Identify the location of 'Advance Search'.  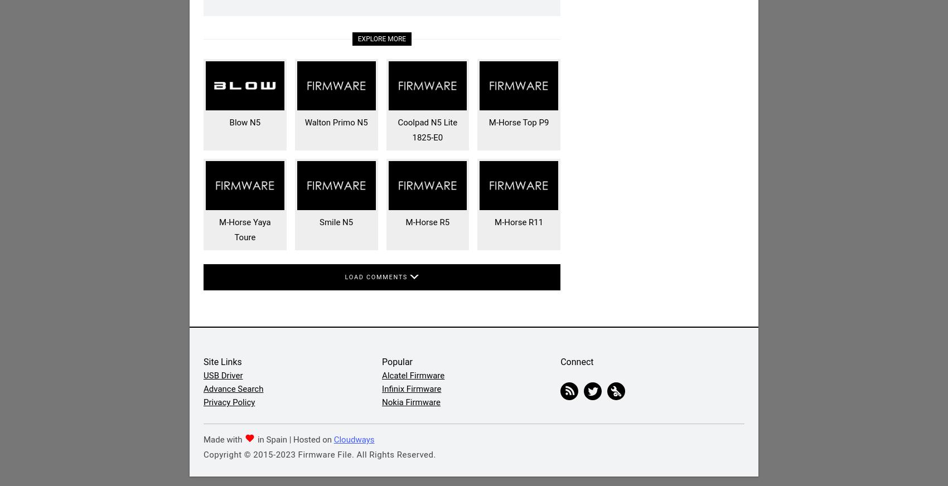
(233, 388).